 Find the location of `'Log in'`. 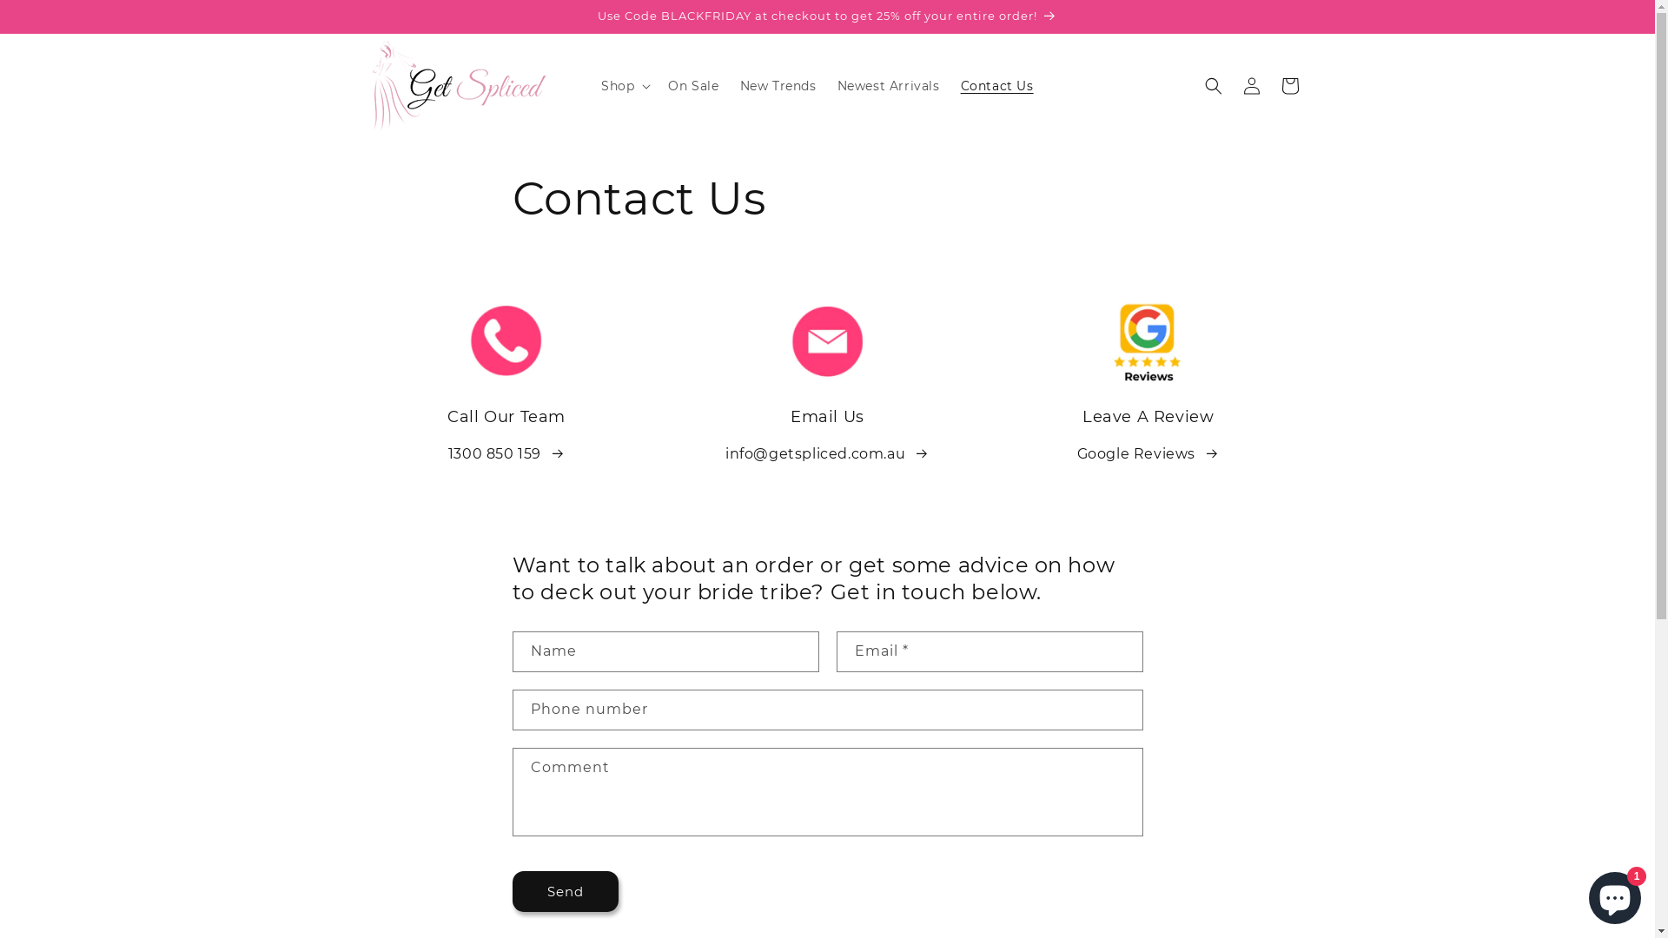

'Log in' is located at coordinates (1230, 86).